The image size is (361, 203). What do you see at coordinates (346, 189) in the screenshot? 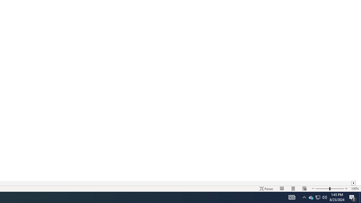
I see `'Zoom In'` at bounding box center [346, 189].